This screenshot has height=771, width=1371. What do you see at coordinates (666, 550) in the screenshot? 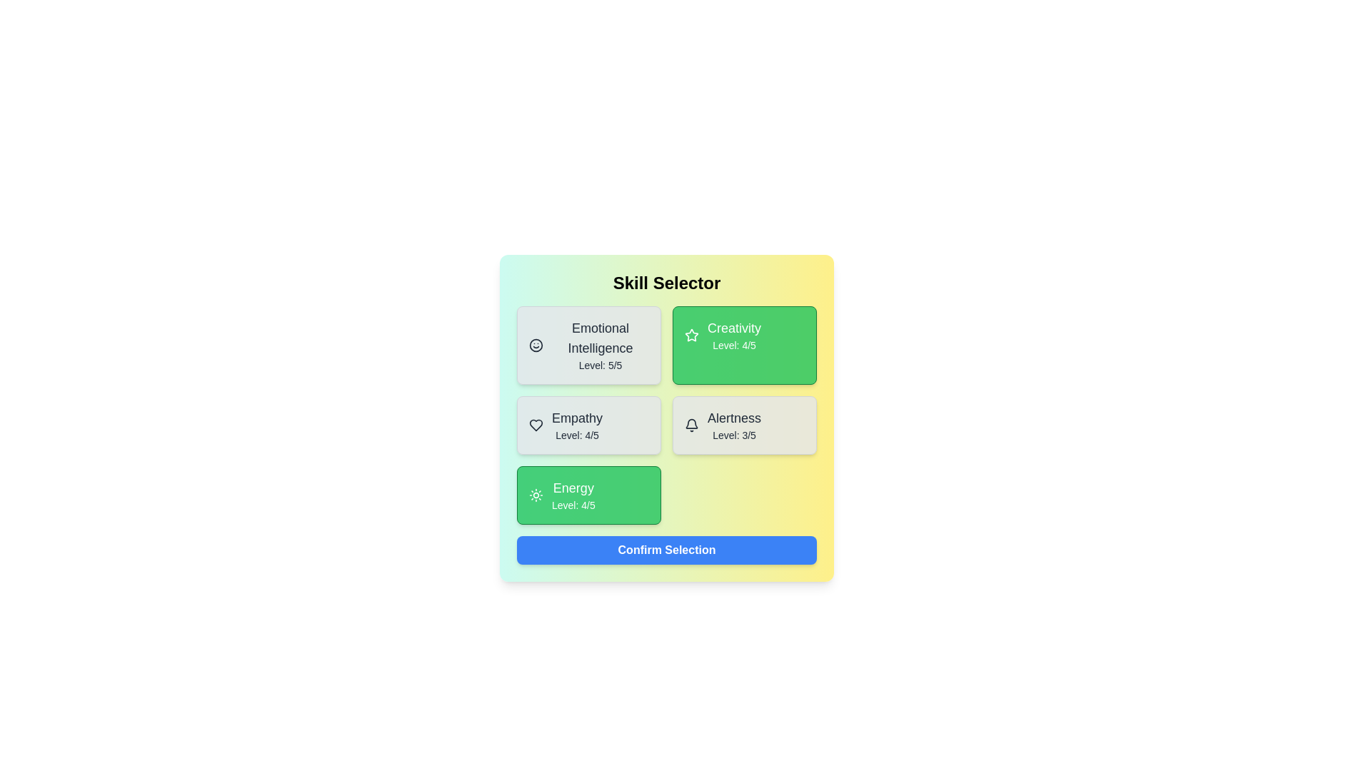
I see `'Confirm Selection' button` at bounding box center [666, 550].